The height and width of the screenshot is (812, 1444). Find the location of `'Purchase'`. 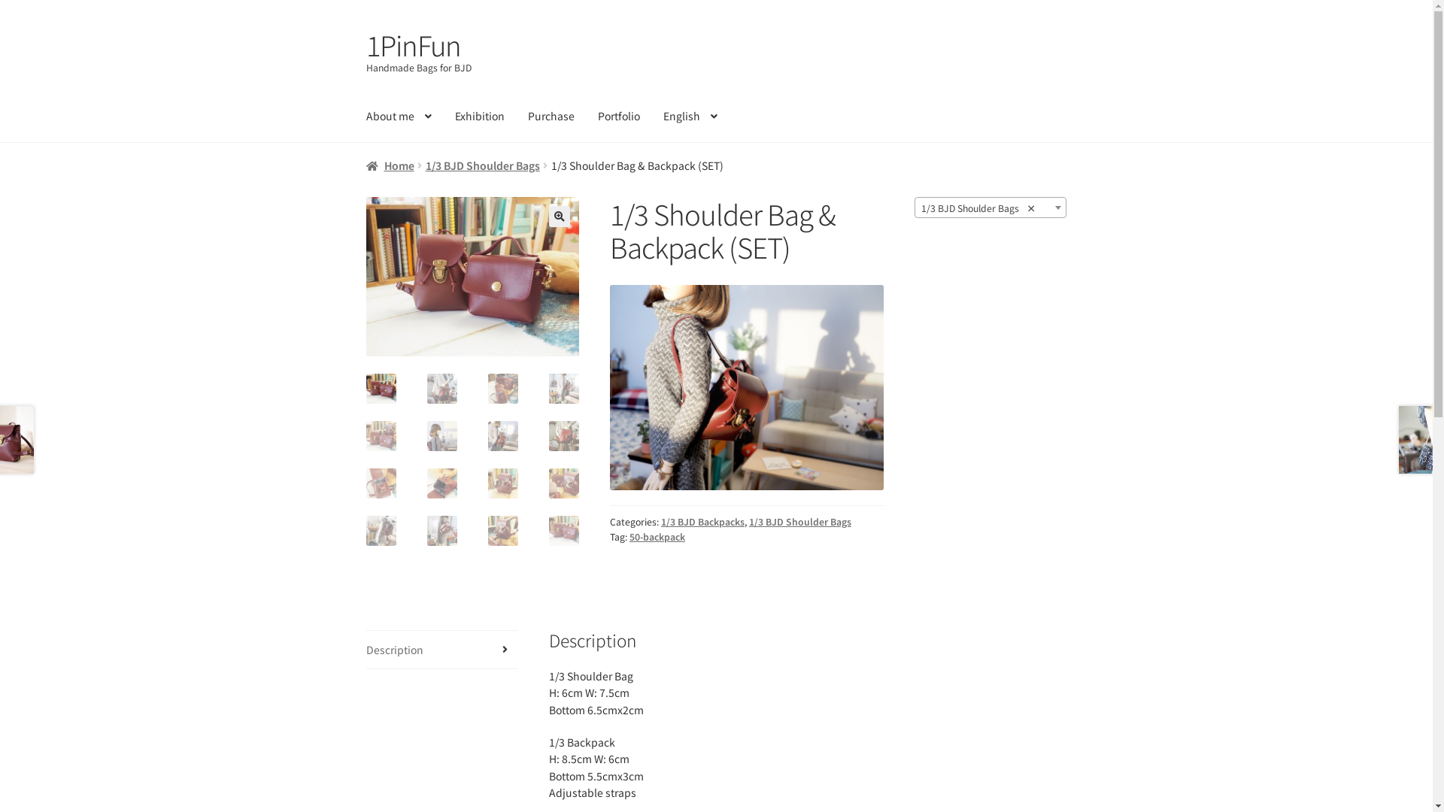

'Purchase' is located at coordinates (517, 115).